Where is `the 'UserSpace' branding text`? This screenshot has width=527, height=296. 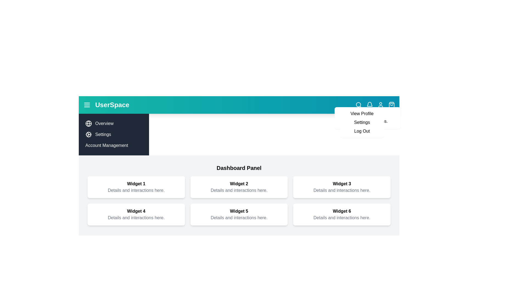 the 'UserSpace' branding text is located at coordinates (106, 105).